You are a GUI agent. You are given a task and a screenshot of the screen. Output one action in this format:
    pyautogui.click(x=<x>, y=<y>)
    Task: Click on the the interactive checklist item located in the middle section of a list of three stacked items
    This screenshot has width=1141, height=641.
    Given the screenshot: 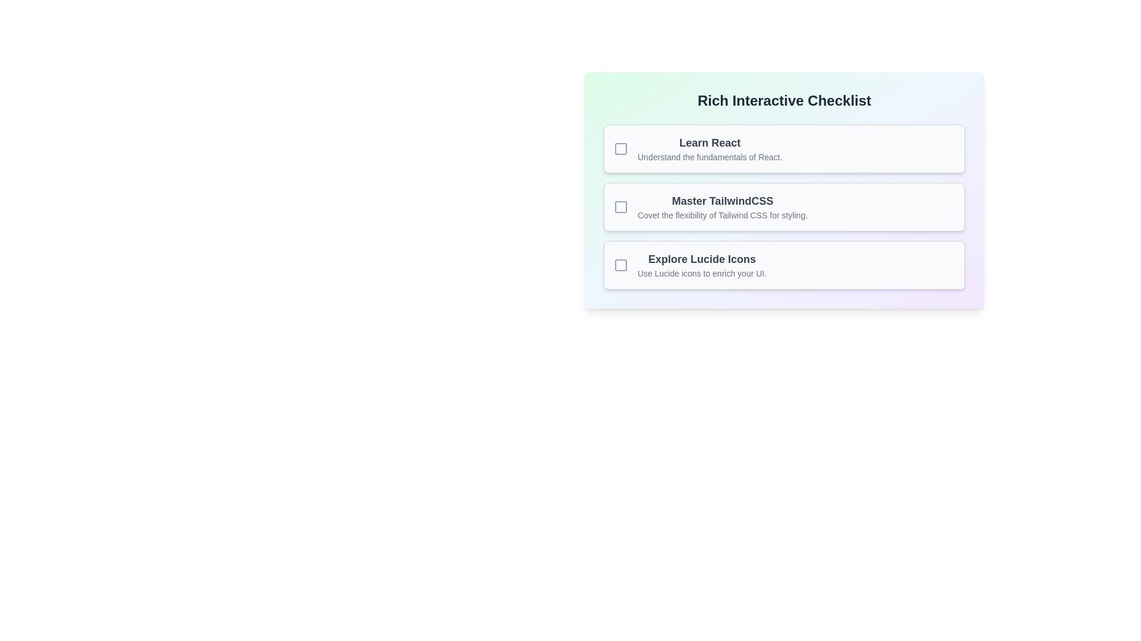 What is the action you would take?
    pyautogui.click(x=784, y=206)
    